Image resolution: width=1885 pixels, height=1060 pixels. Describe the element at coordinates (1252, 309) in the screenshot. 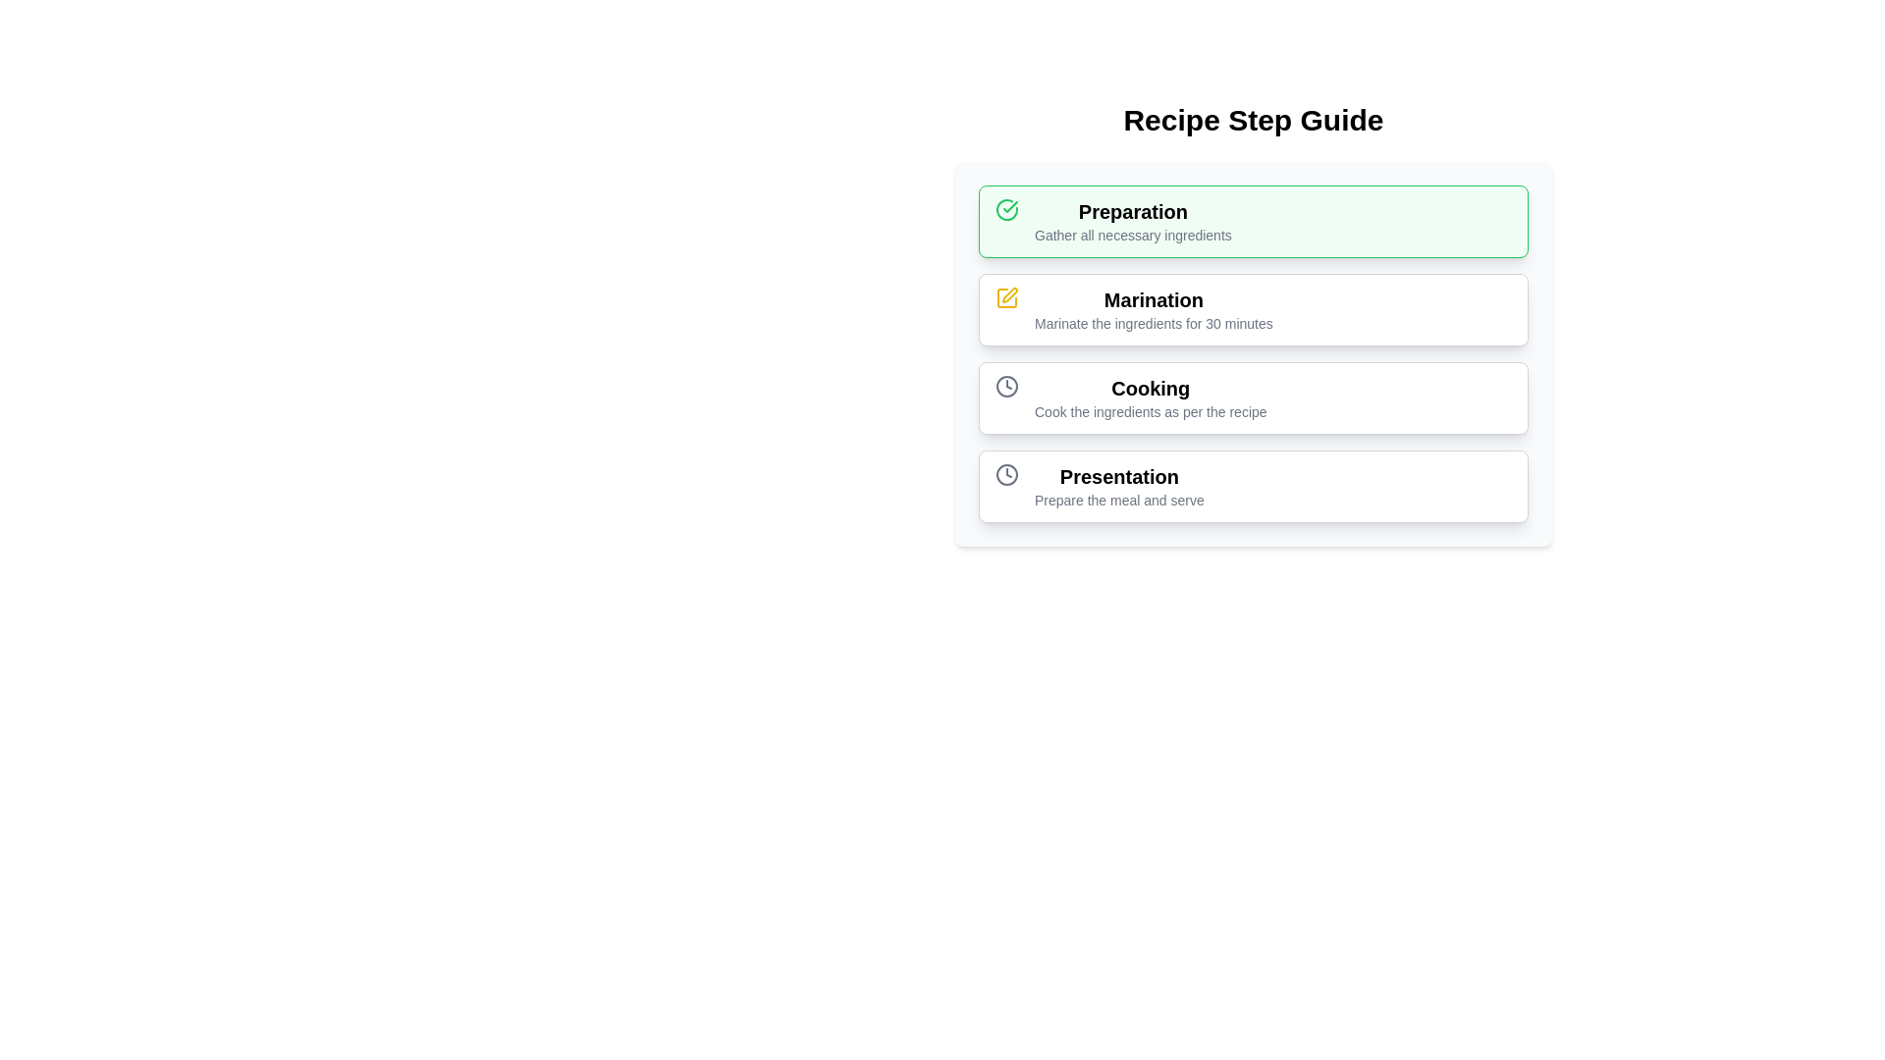

I see `the informational box titled 'Marination'` at that location.